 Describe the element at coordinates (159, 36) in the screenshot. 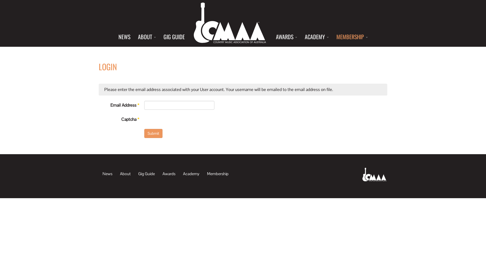

I see `'GIG GUIDE'` at that location.